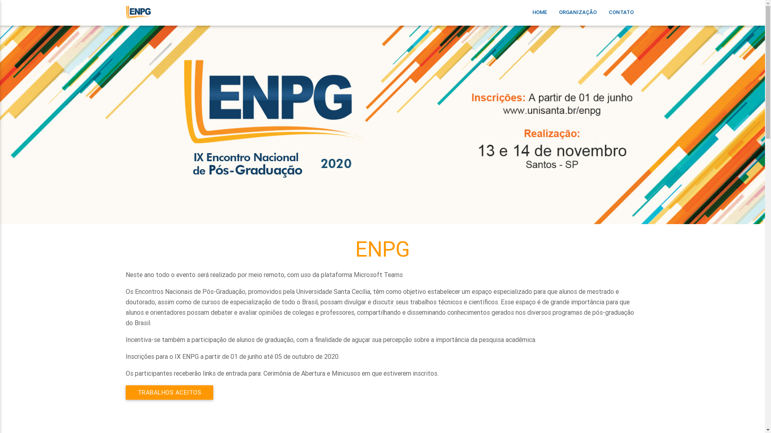 This screenshot has height=433, width=771. Describe the element at coordinates (620, 20) in the screenshot. I see `'CONTATO'` at that location.